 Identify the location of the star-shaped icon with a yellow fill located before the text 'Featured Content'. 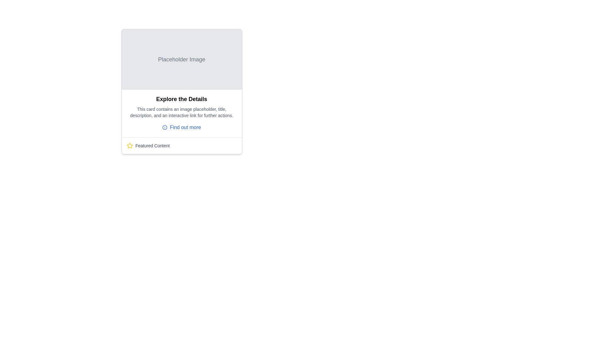
(129, 145).